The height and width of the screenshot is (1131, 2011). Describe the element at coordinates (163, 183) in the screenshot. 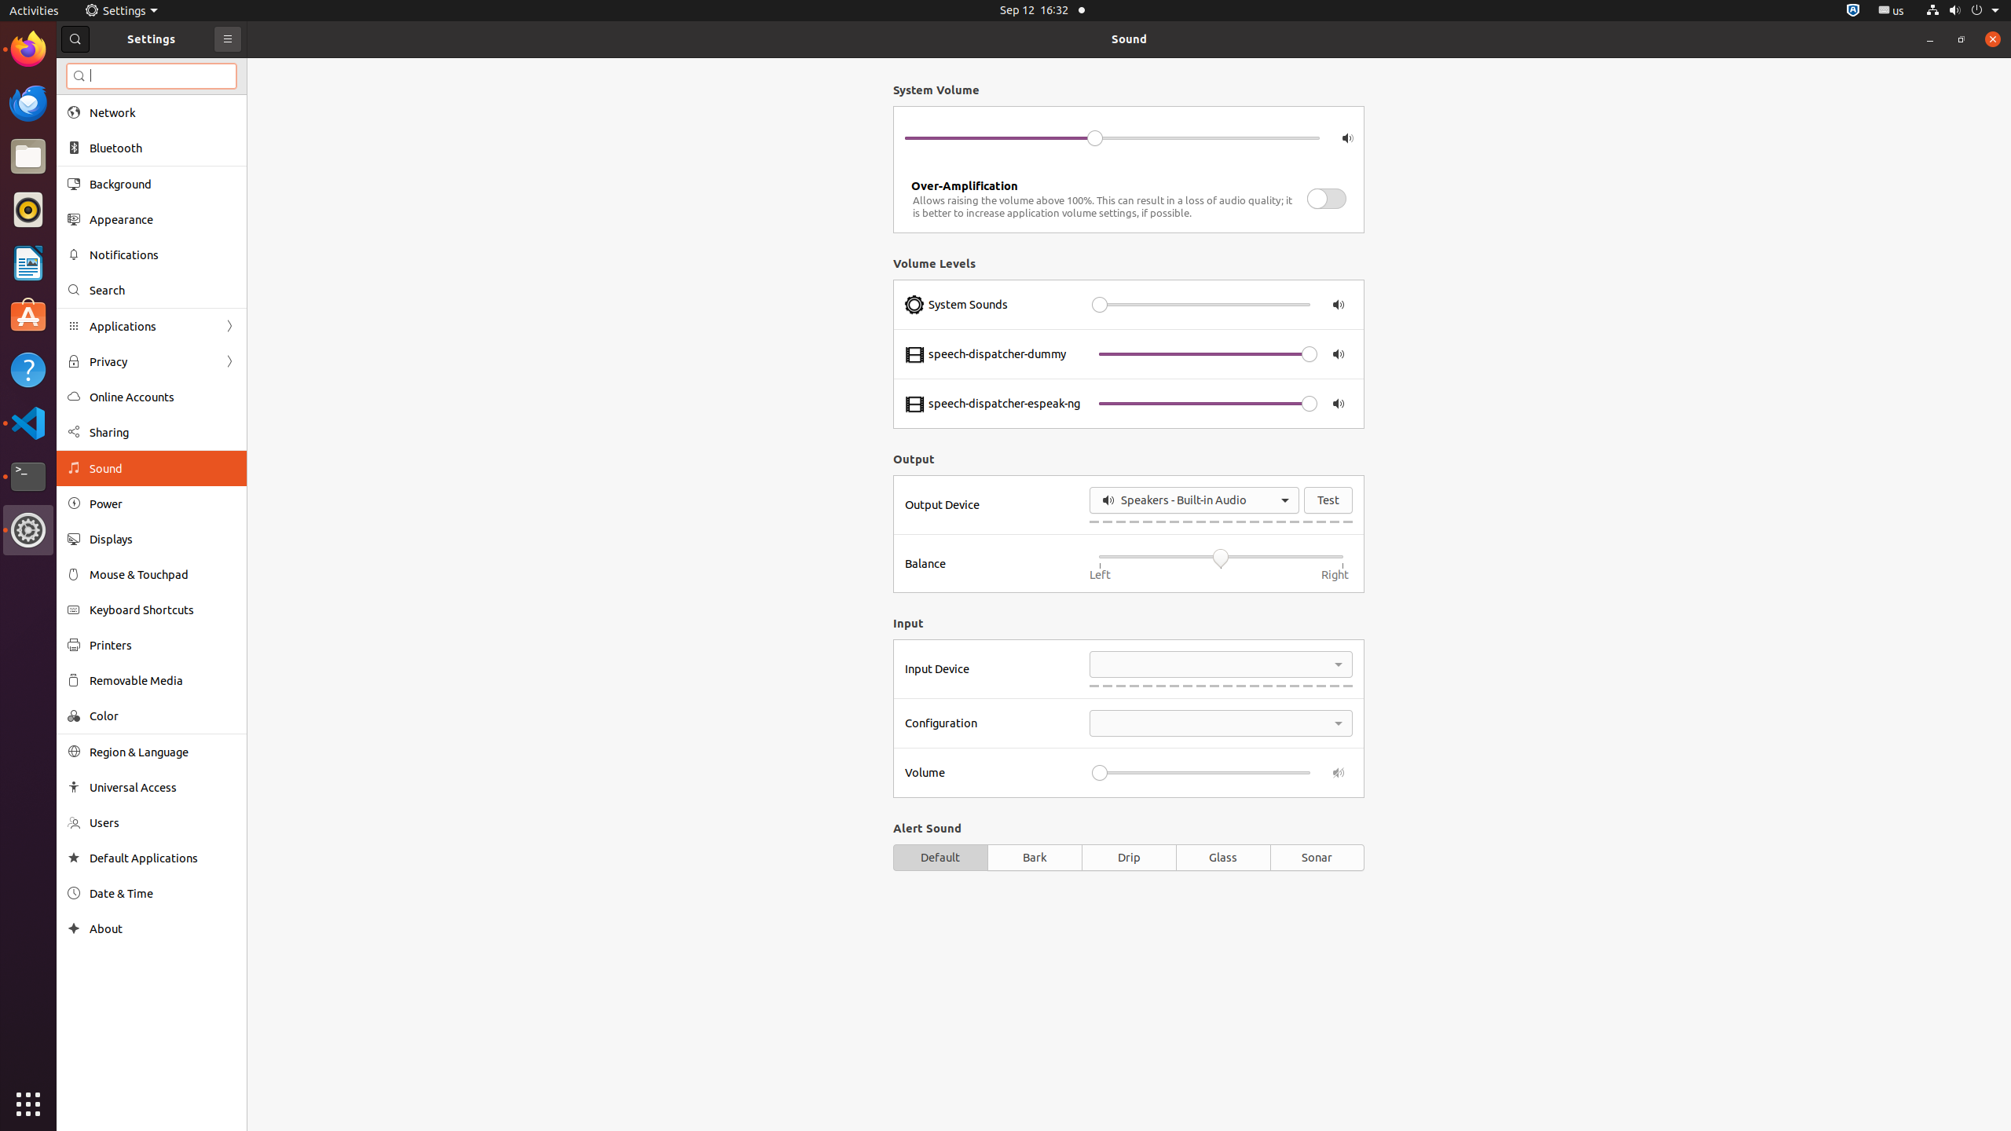

I see `'Background'` at that location.